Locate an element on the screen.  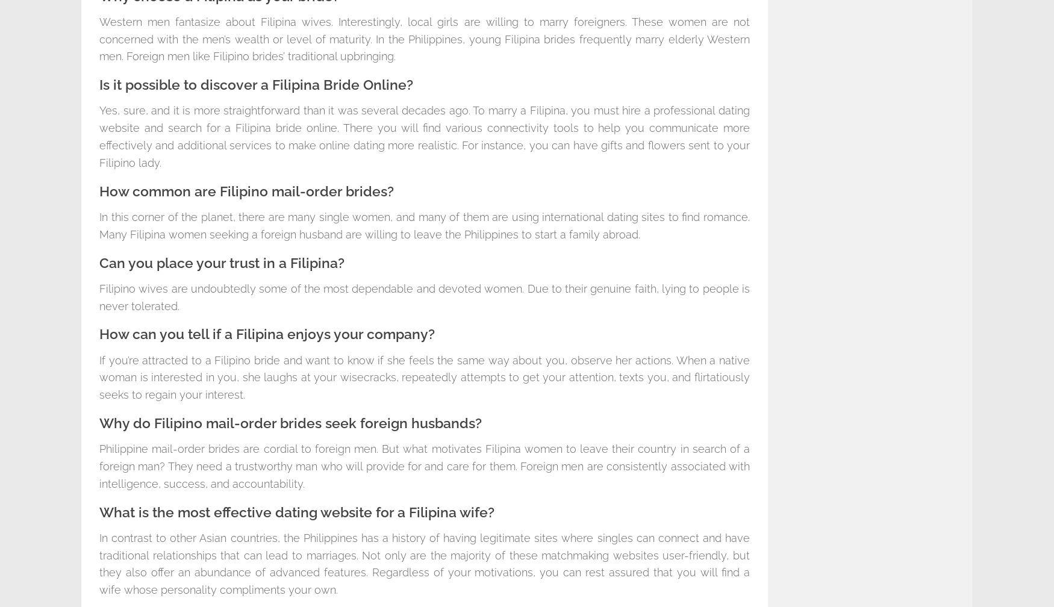
'How can you tell if a Filipina enjoys your company?' is located at coordinates (267, 334).